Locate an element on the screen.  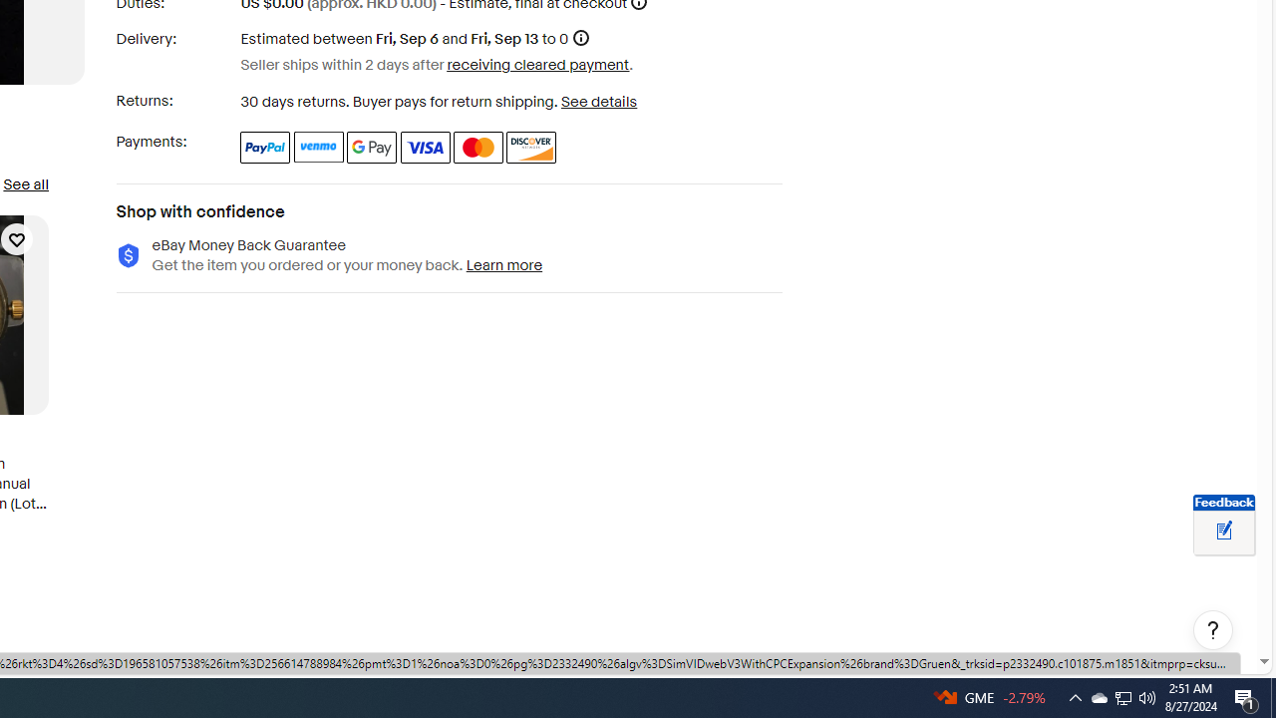
'Google Pay' is located at coordinates (372, 146).